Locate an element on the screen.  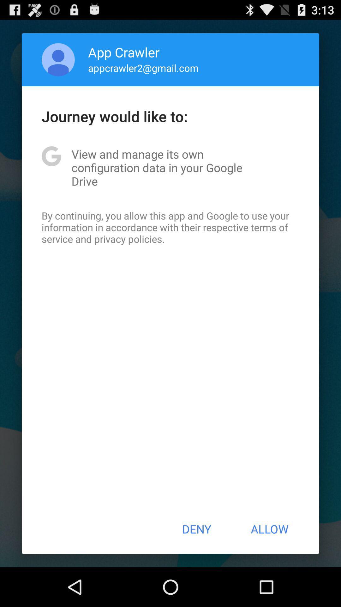
app to the left of app crawler app is located at coordinates (58, 59).